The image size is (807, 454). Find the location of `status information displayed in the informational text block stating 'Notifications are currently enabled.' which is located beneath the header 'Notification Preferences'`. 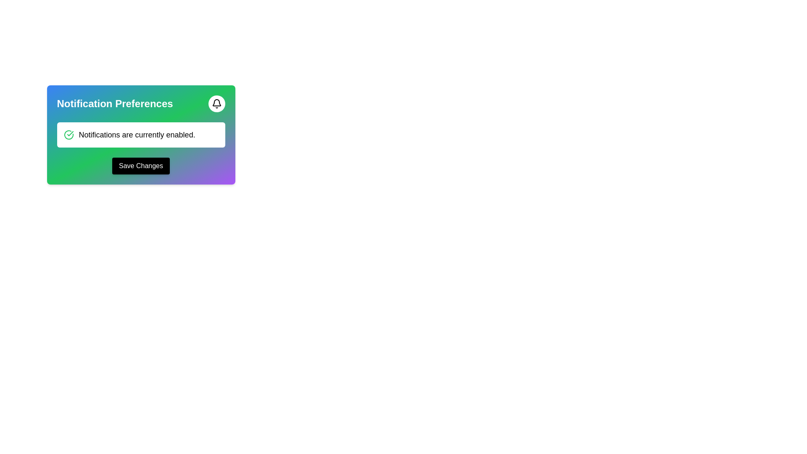

status information displayed in the informational text block stating 'Notifications are currently enabled.' which is located beneath the header 'Notification Preferences' is located at coordinates (141, 134).